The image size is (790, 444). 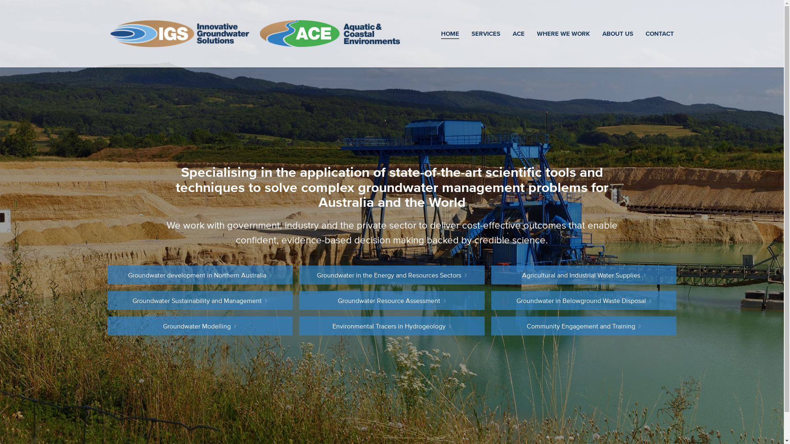 I want to click on 'Groundwater in Belowground Waste Disposal  ', so click(x=583, y=301).